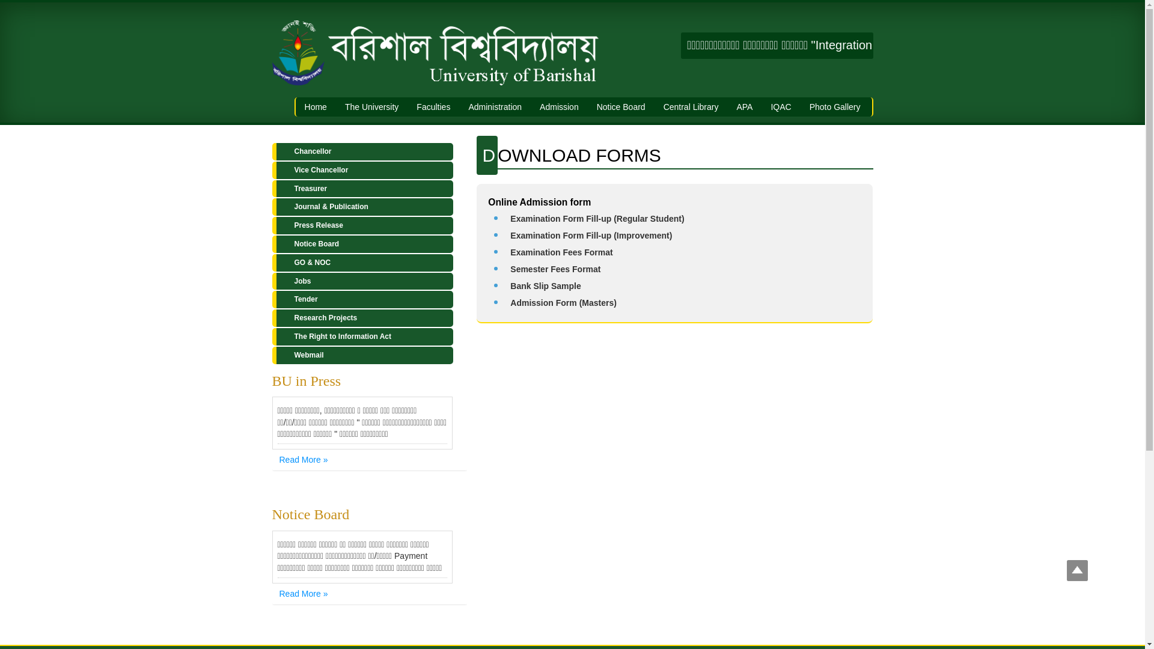 The image size is (1154, 649). What do you see at coordinates (834, 106) in the screenshot?
I see `'Photo Gallery'` at bounding box center [834, 106].